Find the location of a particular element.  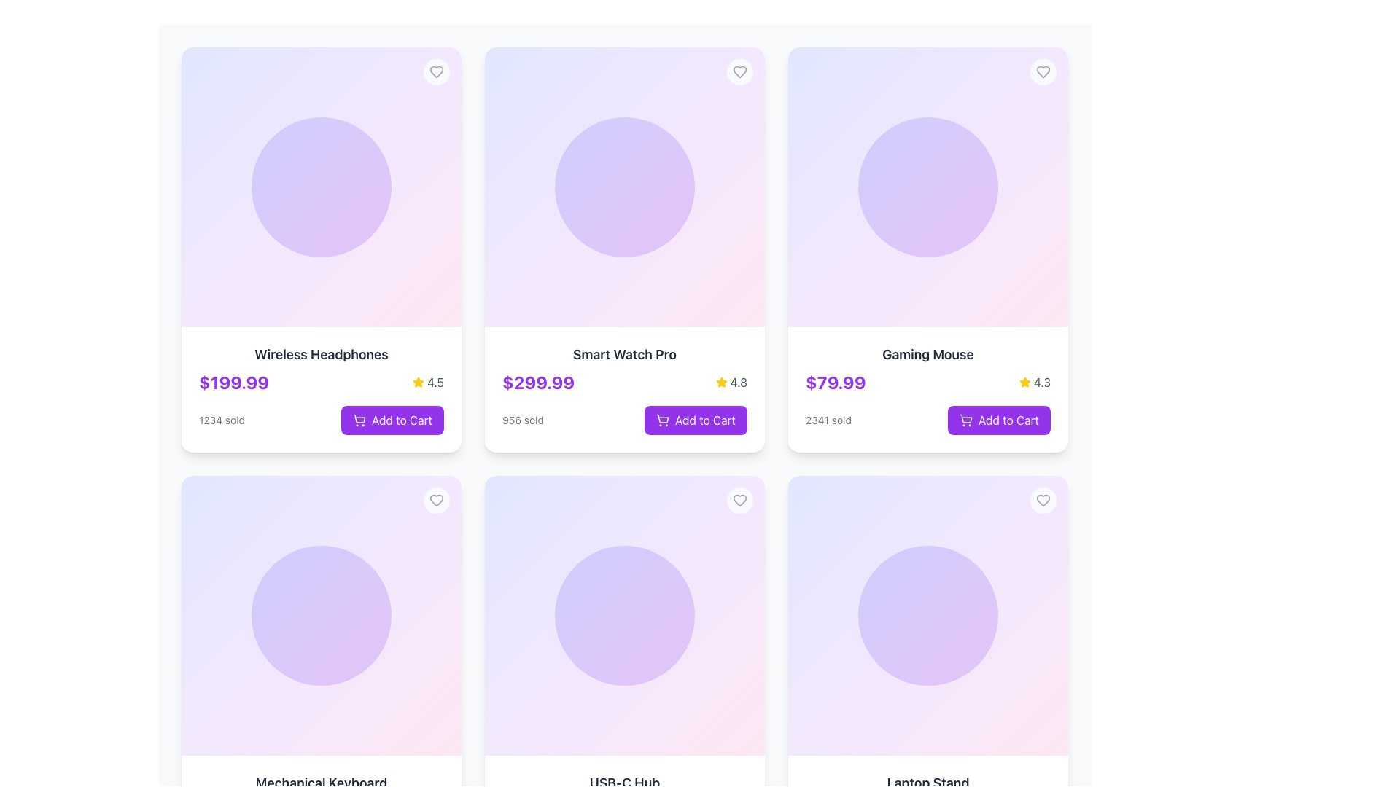

the product name displayed in the text label for 'Wireless Headphones', which is located at the top of the product card in the first column of the first row is located at coordinates (321, 354).